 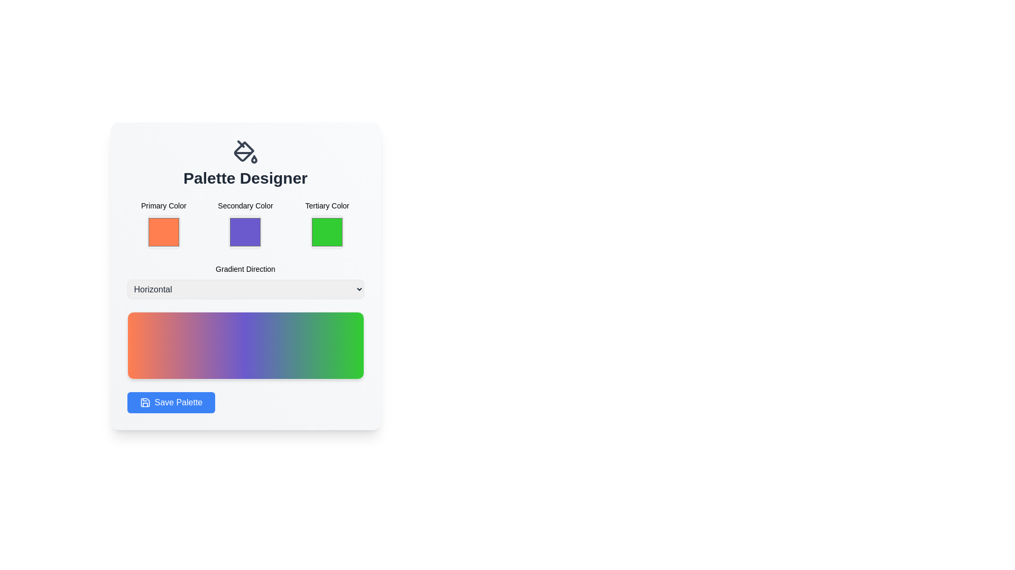 I want to click on the 'Gradient Direction' dropdown menu, so click(x=245, y=280).